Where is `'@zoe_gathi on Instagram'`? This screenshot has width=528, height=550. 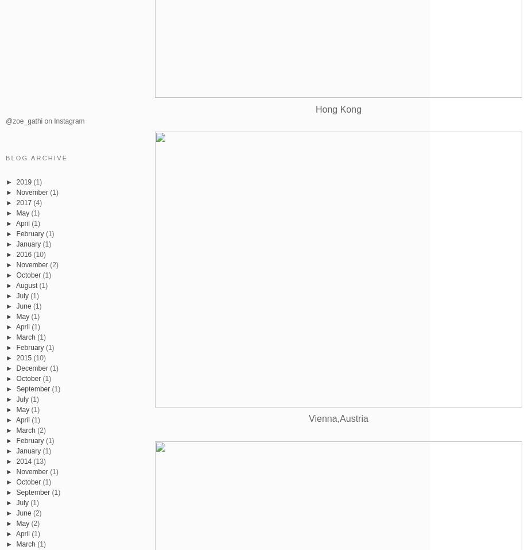
'@zoe_gathi on Instagram' is located at coordinates (45, 120).